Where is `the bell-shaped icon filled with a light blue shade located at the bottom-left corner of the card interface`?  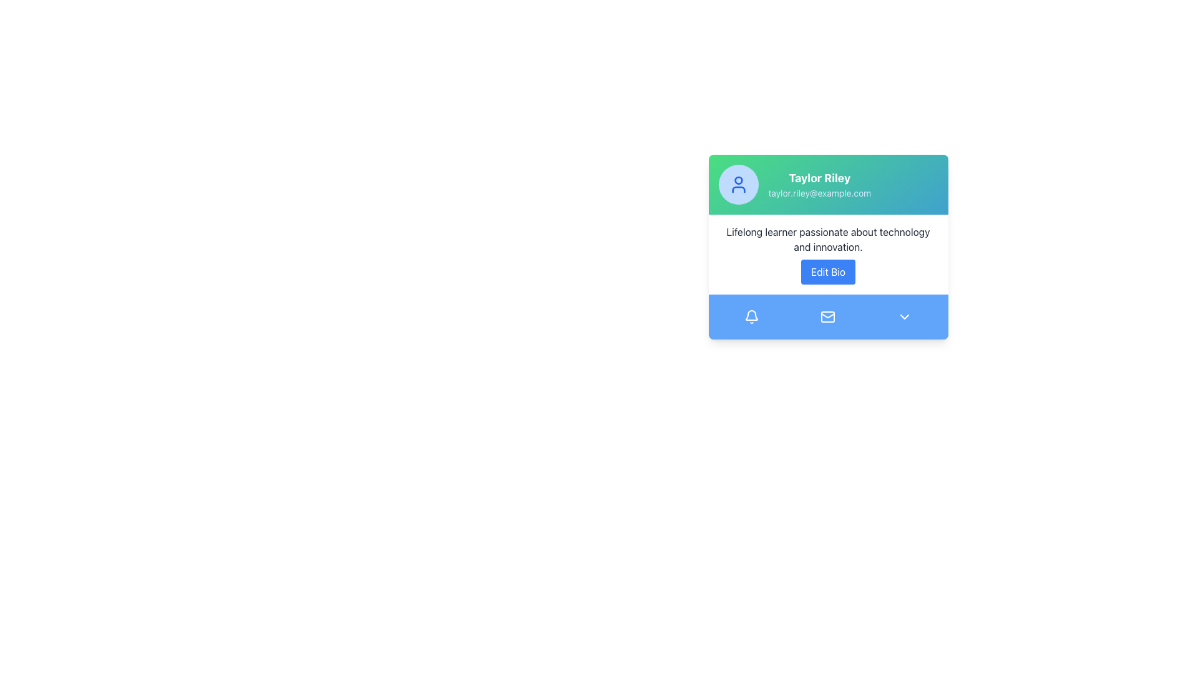
the bell-shaped icon filled with a light blue shade located at the bottom-left corner of the card interface is located at coordinates (751, 315).